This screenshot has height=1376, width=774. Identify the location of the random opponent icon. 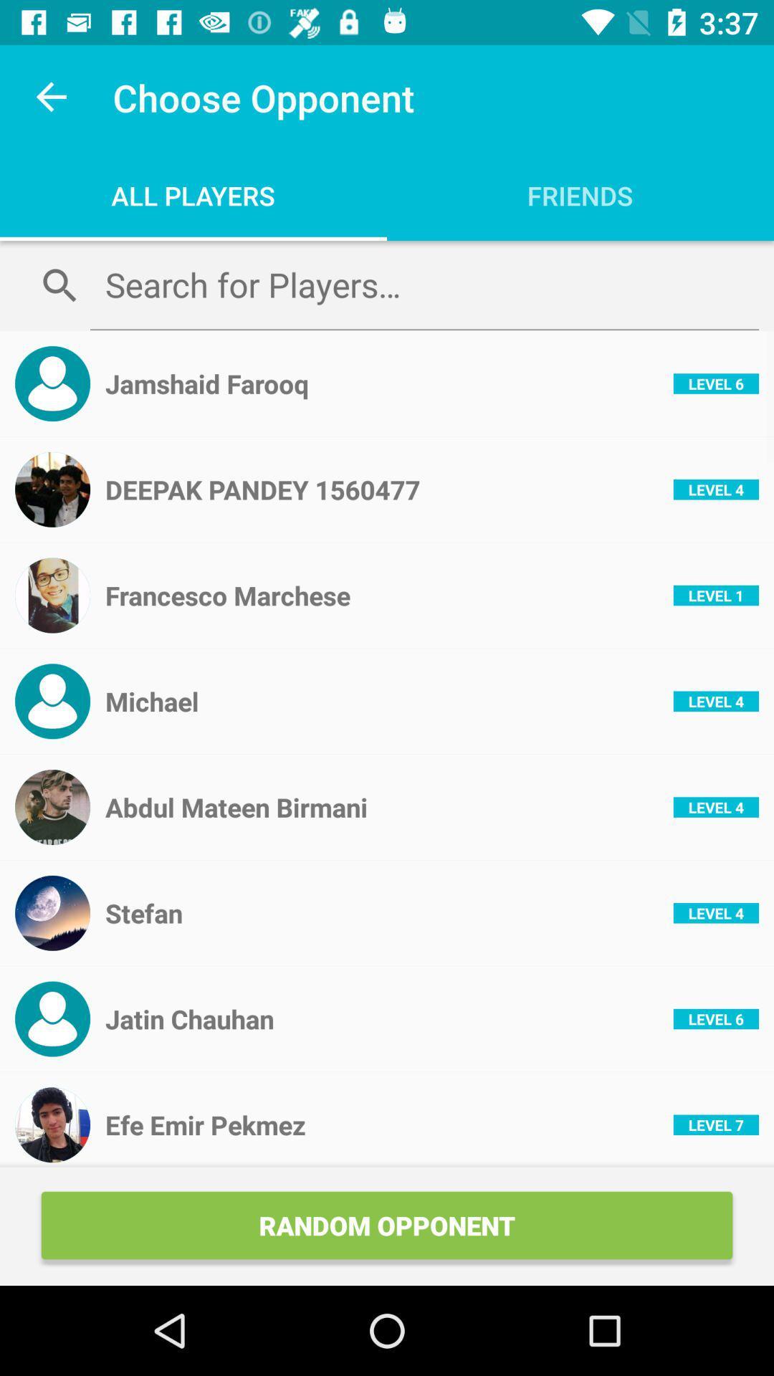
(387, 1224).